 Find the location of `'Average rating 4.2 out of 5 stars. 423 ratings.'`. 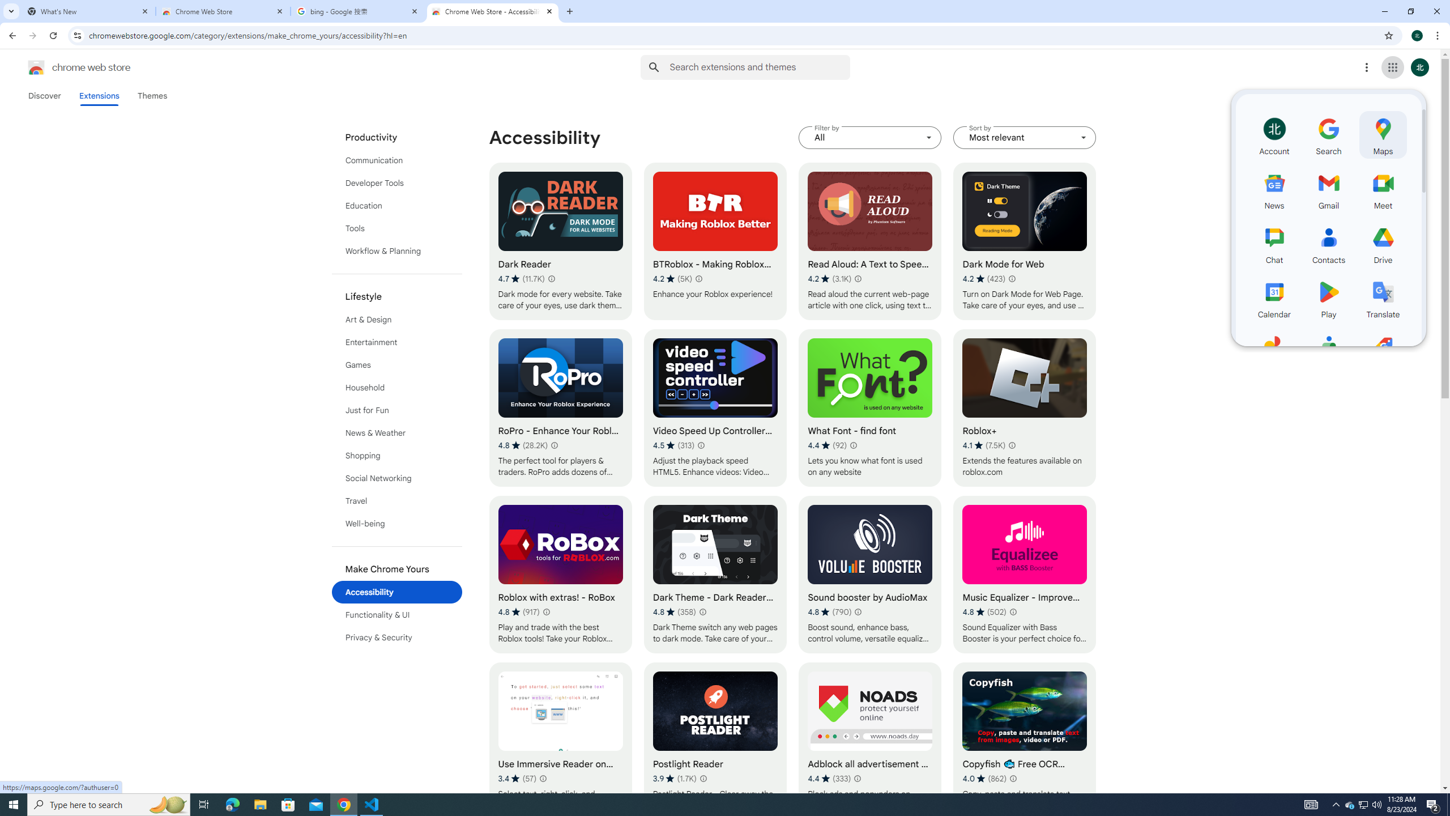

'Average rating 4.2 out of 5 stars. 423 ratings.' is located at coordinates (984, 278).